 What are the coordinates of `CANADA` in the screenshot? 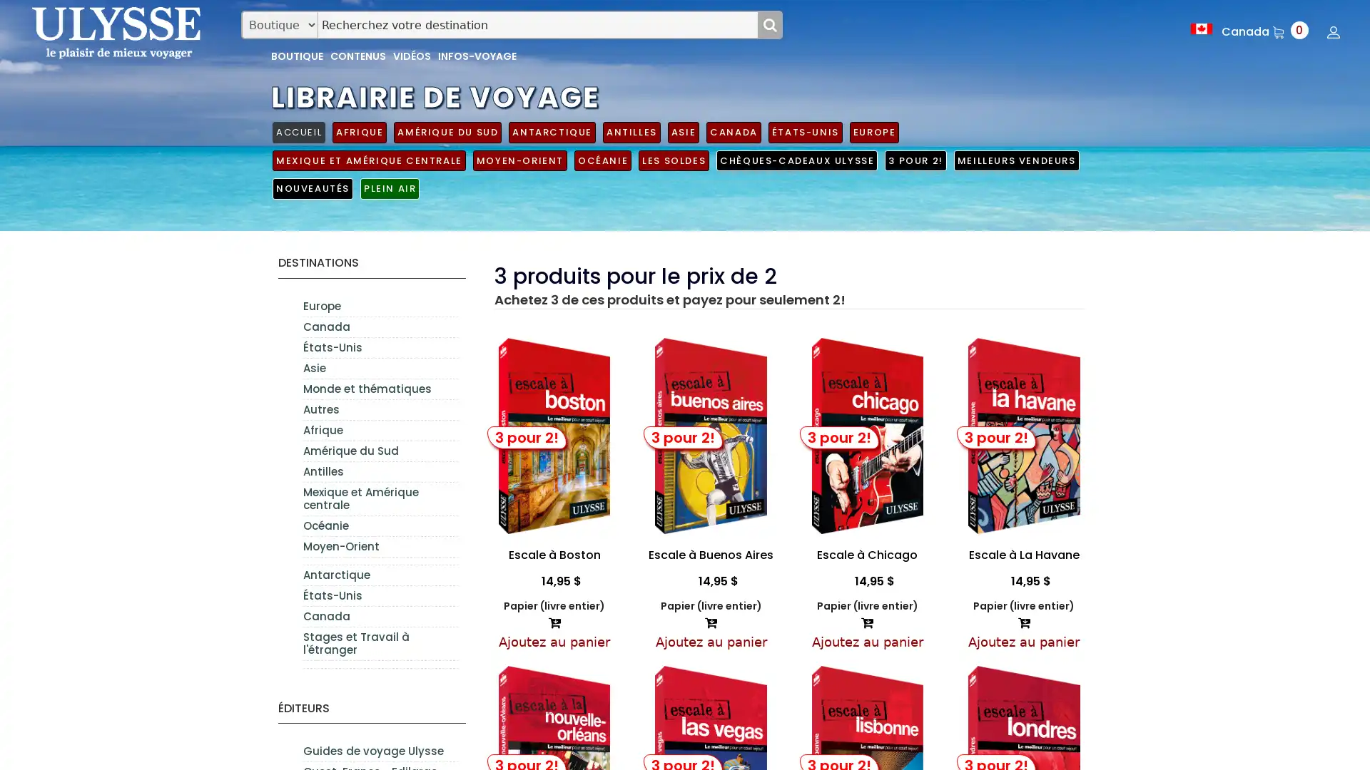 It's located at (733, 132).